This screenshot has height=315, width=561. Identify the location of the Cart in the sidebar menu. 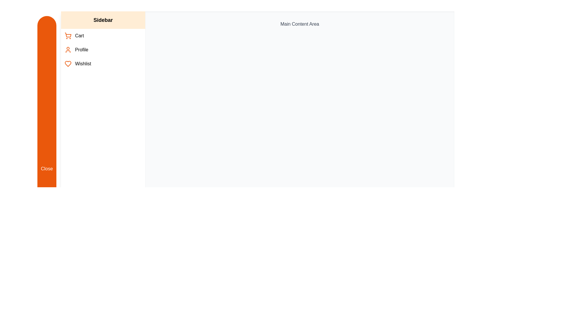
(103, 36).